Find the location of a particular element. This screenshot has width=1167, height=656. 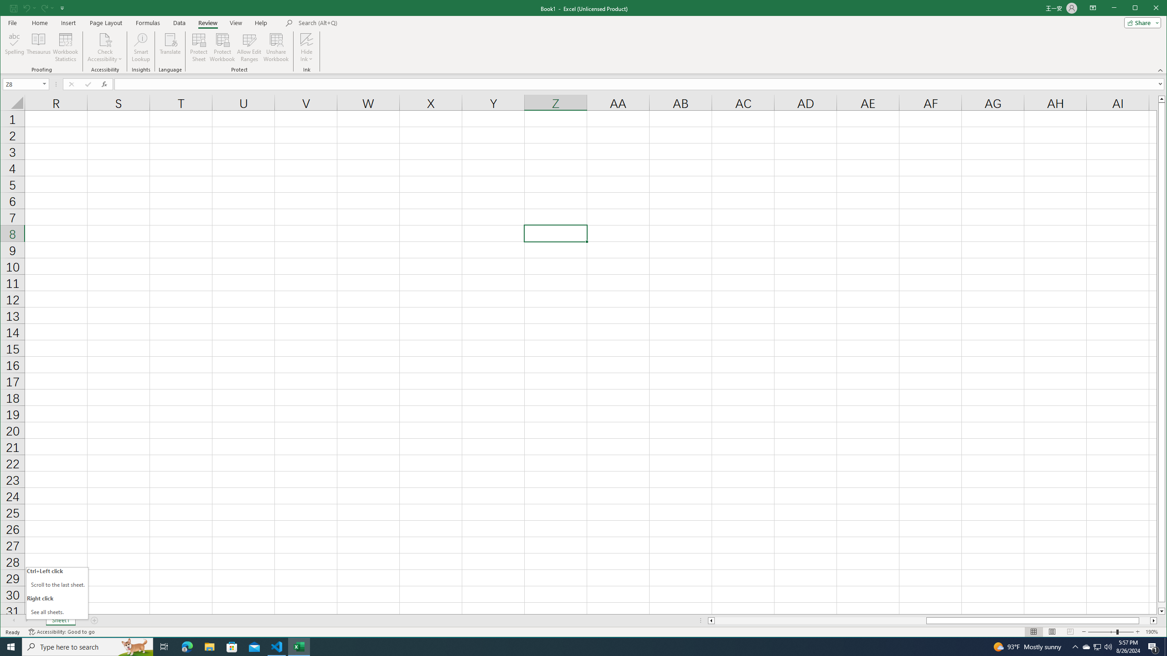

'Workbook Statistics' is located at coordinates (65, 47).